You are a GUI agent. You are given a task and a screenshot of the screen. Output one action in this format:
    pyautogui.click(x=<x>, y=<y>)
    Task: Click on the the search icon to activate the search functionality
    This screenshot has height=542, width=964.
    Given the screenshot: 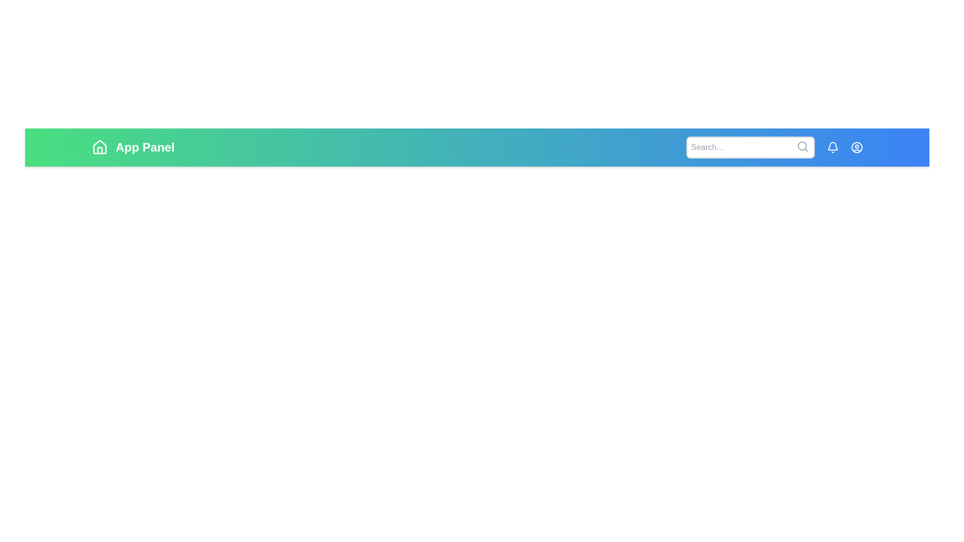 What is the action you would take?
    pyautogui.click(x=802, y=147)
    